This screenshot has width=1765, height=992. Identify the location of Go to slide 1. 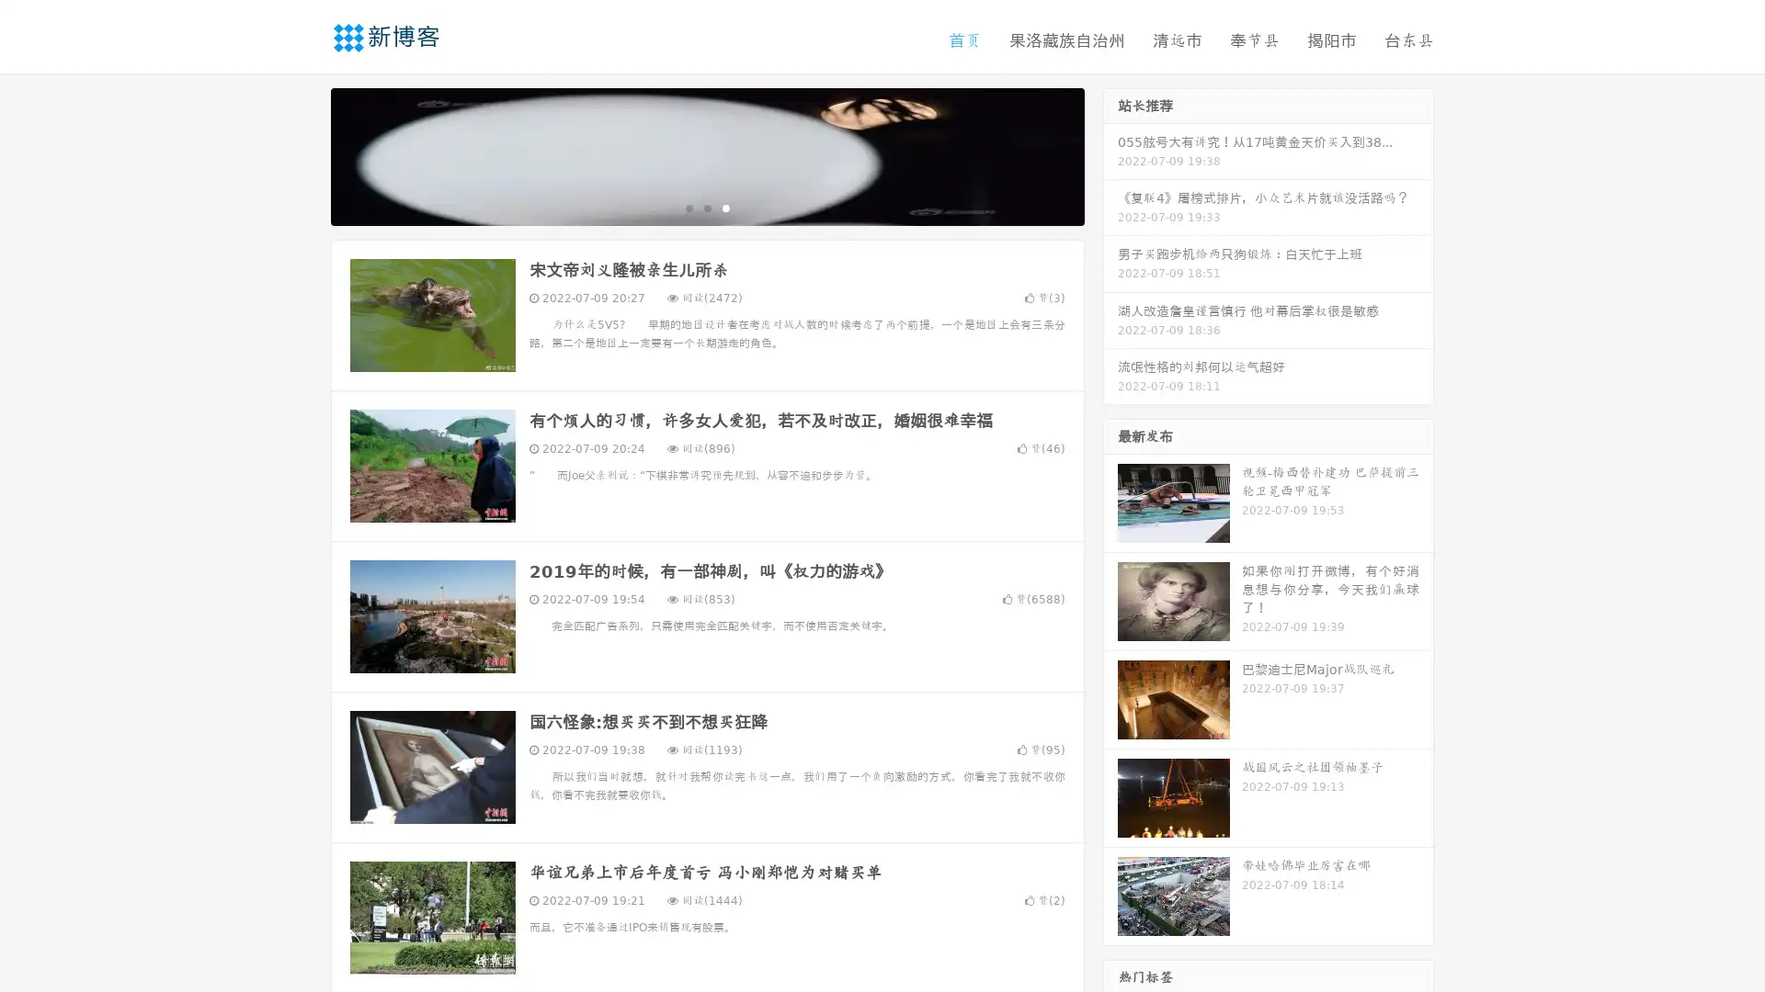
(688, 207).